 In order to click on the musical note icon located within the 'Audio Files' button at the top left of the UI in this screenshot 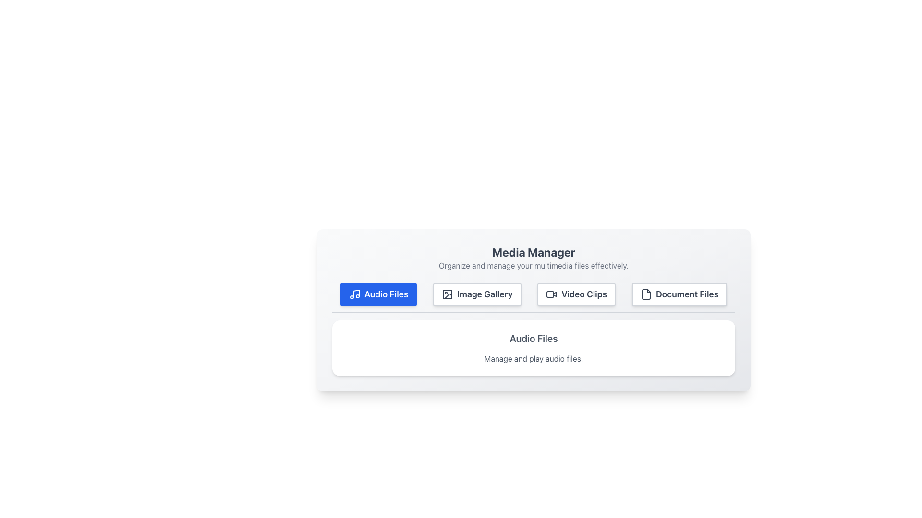, I will do `click(354, 294)`.